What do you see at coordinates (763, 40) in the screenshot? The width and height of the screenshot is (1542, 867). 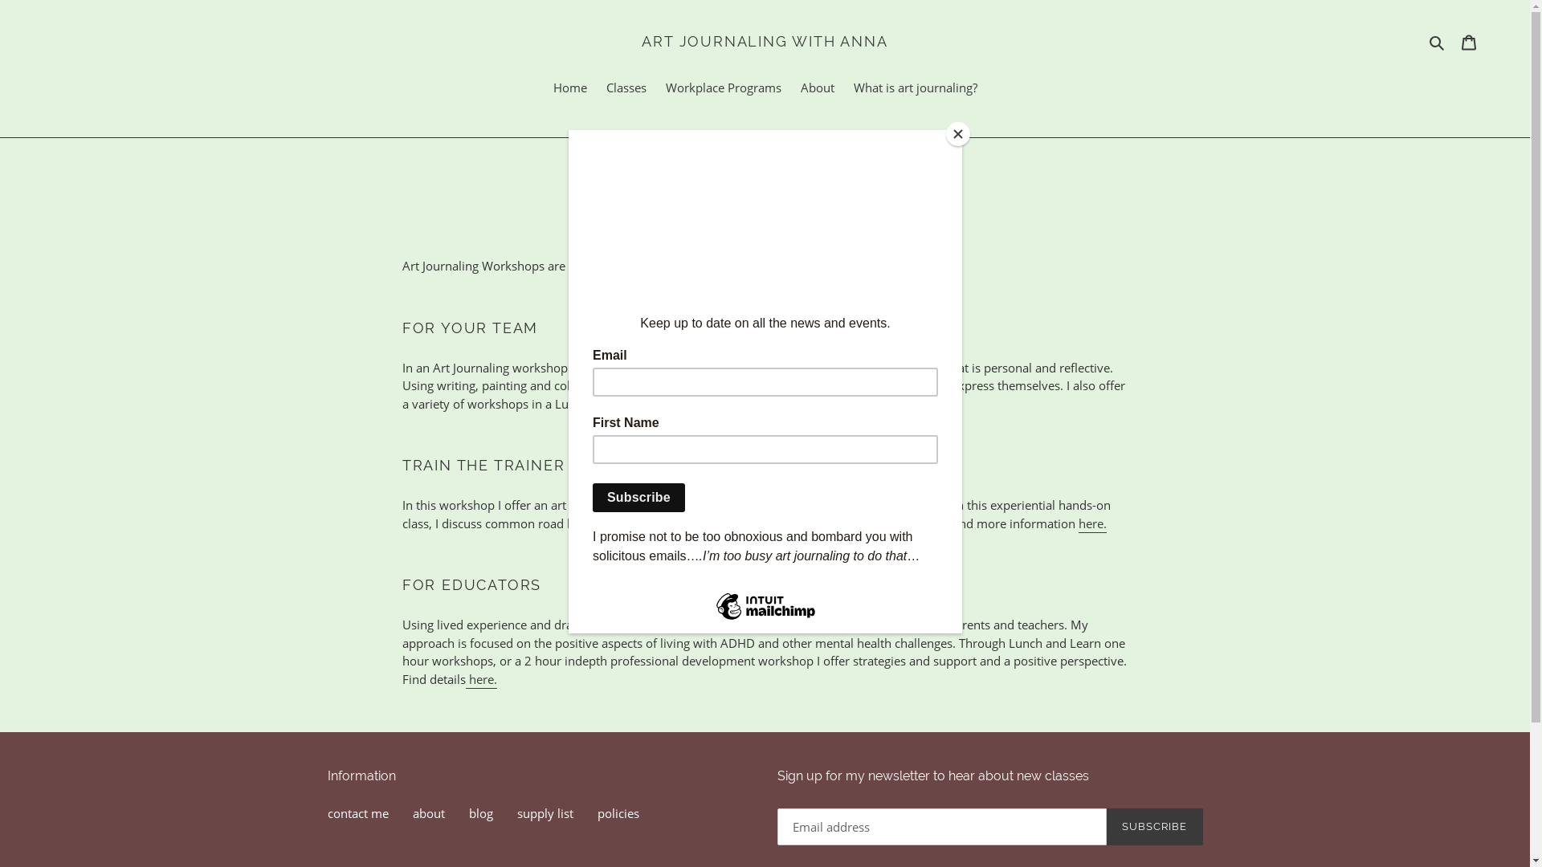 I see `'ART JOURNALING WITH ANNA'` at bounding box center [763, 40].